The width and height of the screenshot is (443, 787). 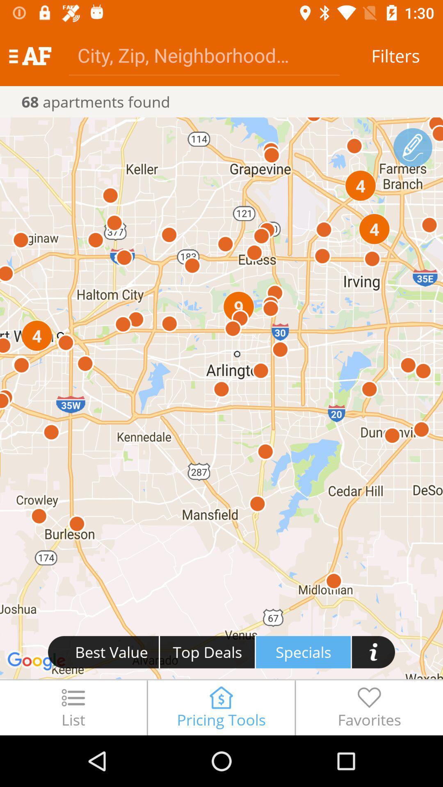 What do you see at coordinates (221, 707) in the screenshot?
I see `the item next to list` at bounding box center [221, 707].